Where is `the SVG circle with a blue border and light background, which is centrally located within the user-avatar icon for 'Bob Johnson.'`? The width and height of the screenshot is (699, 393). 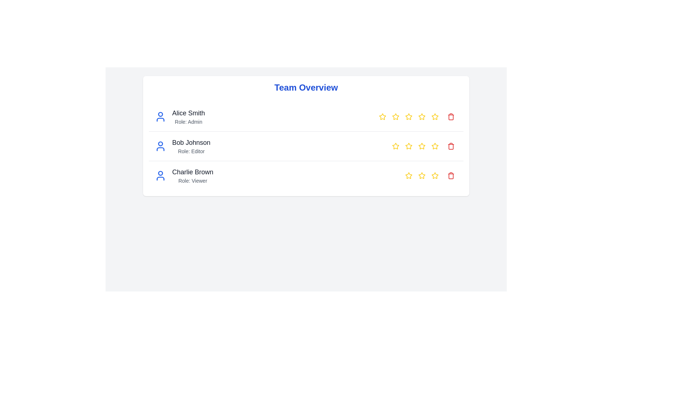 the SVG circle with a blue border and light background, which is centrally located within the user-avatar icon for 'Bob Johnson.' is located at coordinates (160, 143).